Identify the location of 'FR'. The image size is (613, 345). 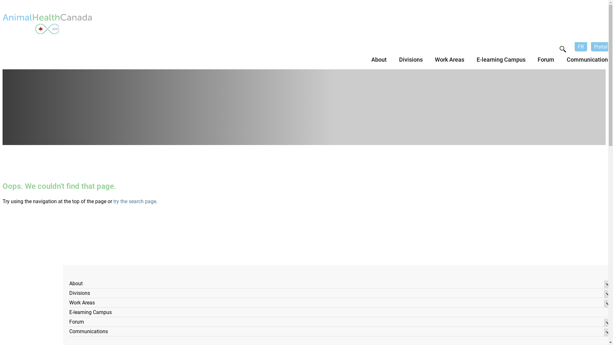
(581, 46).